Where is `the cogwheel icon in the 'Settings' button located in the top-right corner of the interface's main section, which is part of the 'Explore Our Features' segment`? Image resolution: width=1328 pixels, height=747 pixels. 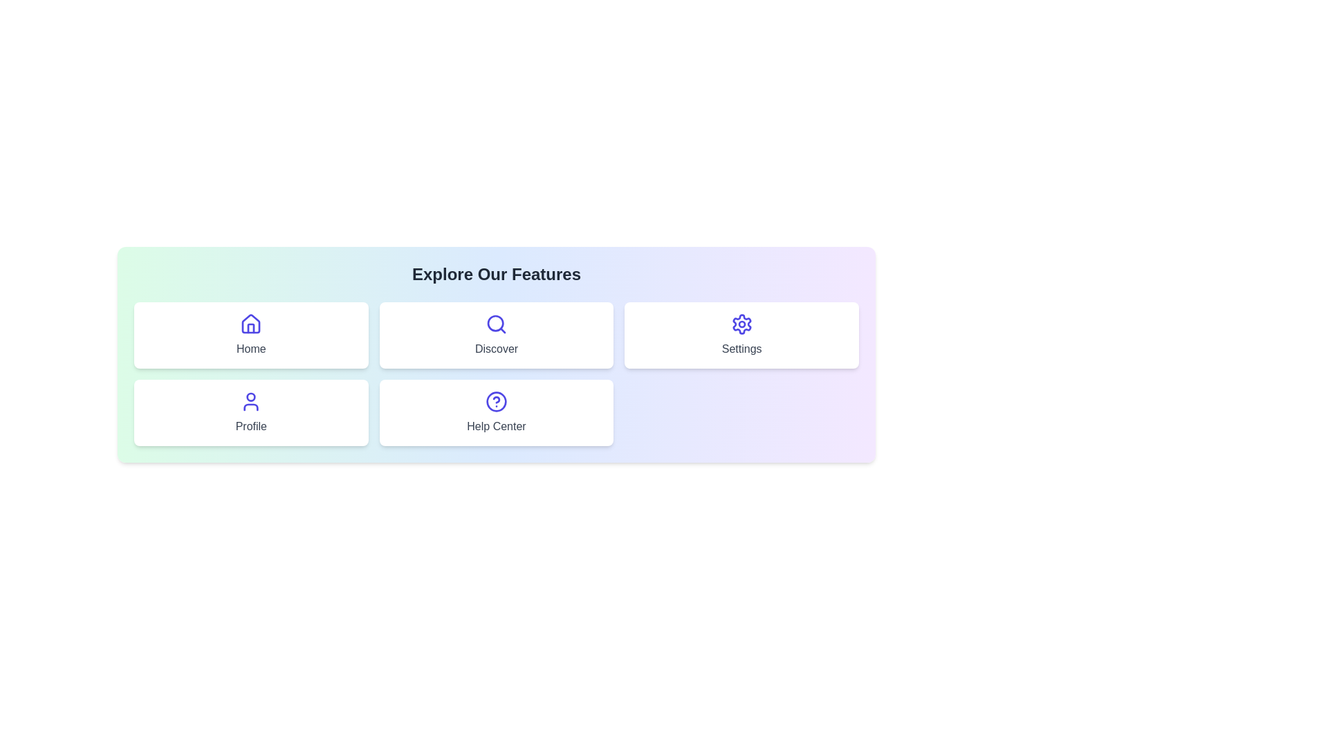 the cogwheel icon in the 'Settings' button located in the top-right corner of the interface's main section, which is part of the 'Explore Our Features' segment is located at coordinates (741, 324).